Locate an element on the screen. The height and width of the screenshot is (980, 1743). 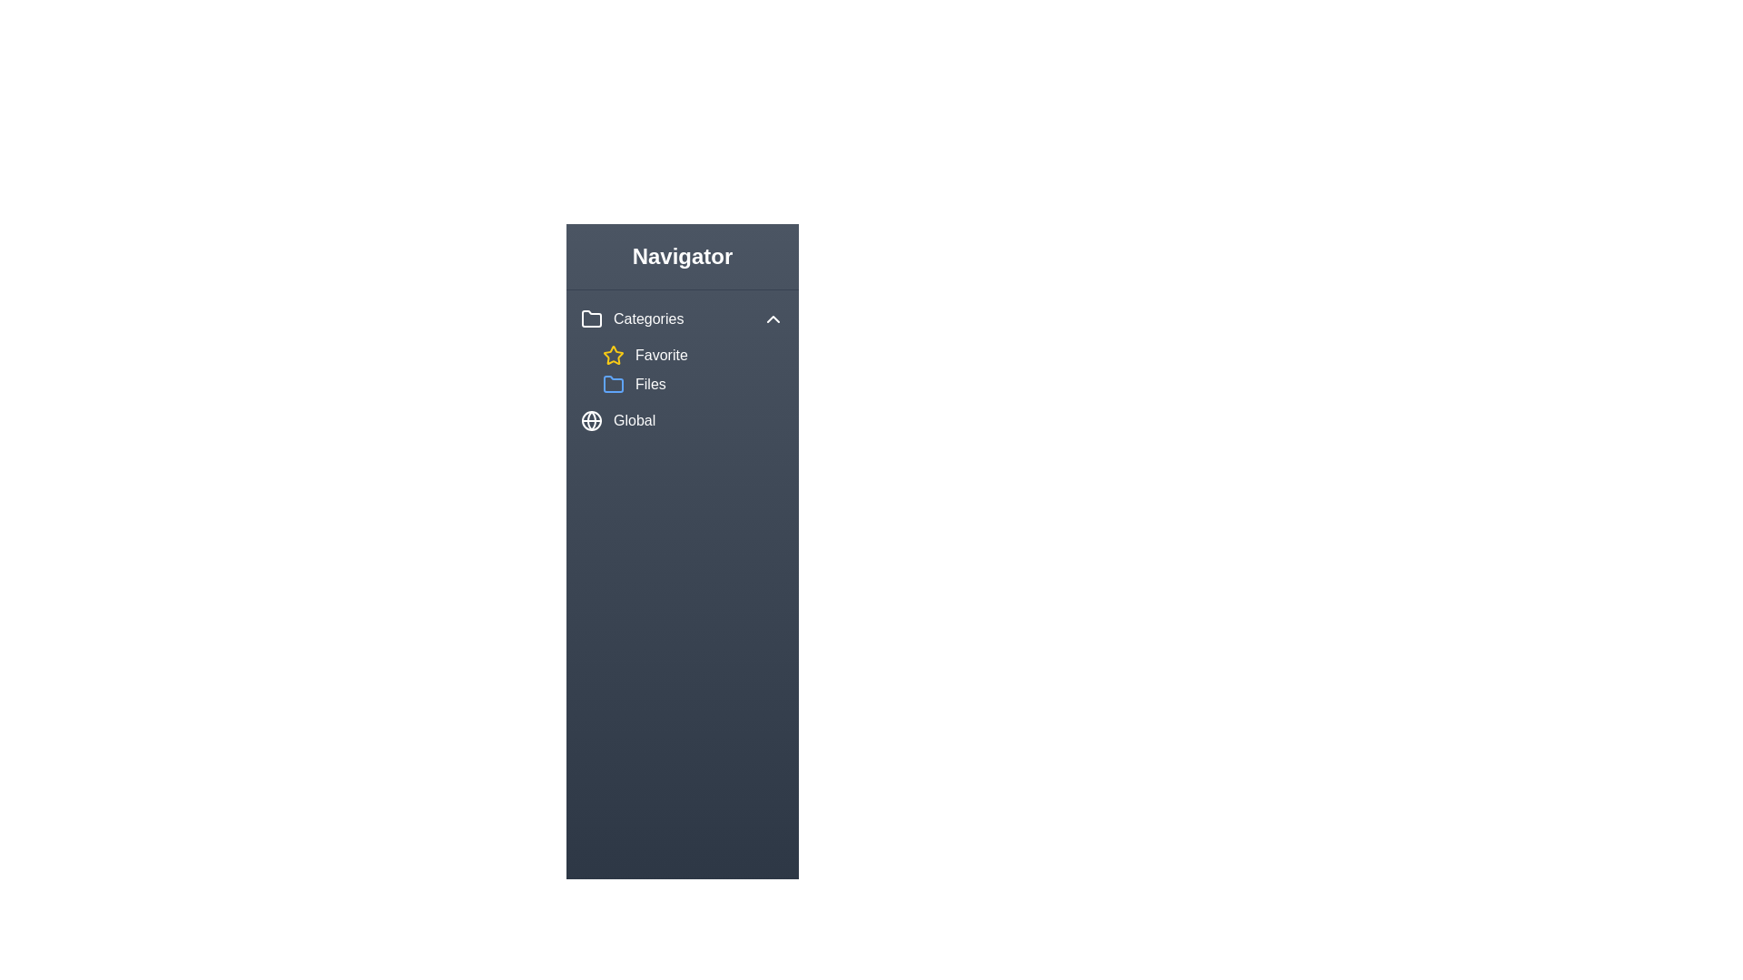
the 'Favorite' item in the 'Categories' section is located at coordinates (692, 356).